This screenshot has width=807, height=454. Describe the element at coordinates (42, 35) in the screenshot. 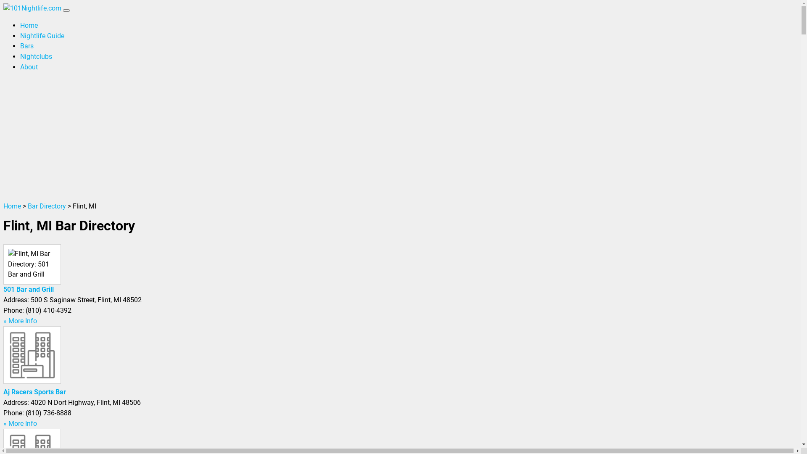

I see `'Nightlife Guide'` at that location.